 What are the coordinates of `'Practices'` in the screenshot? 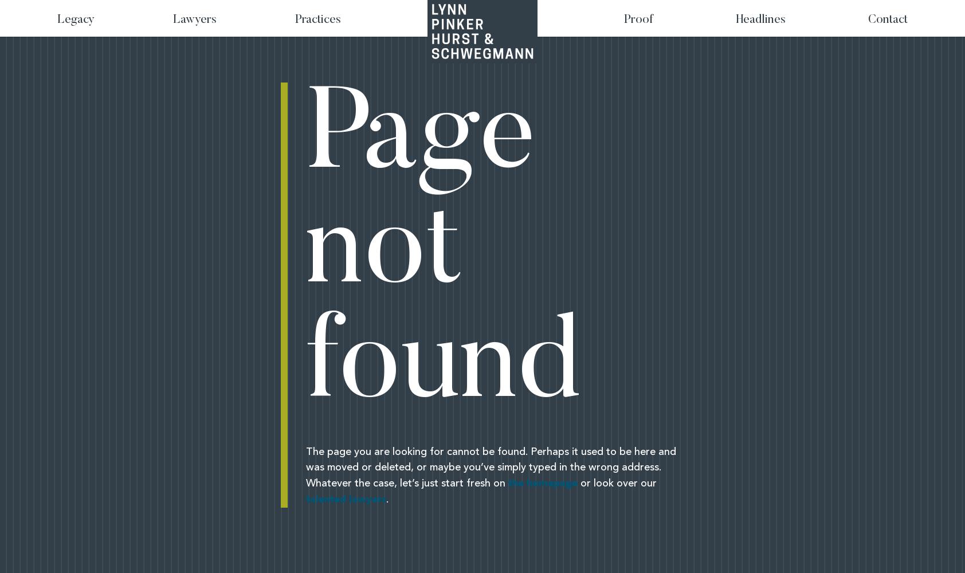 It's located at (317, 20).